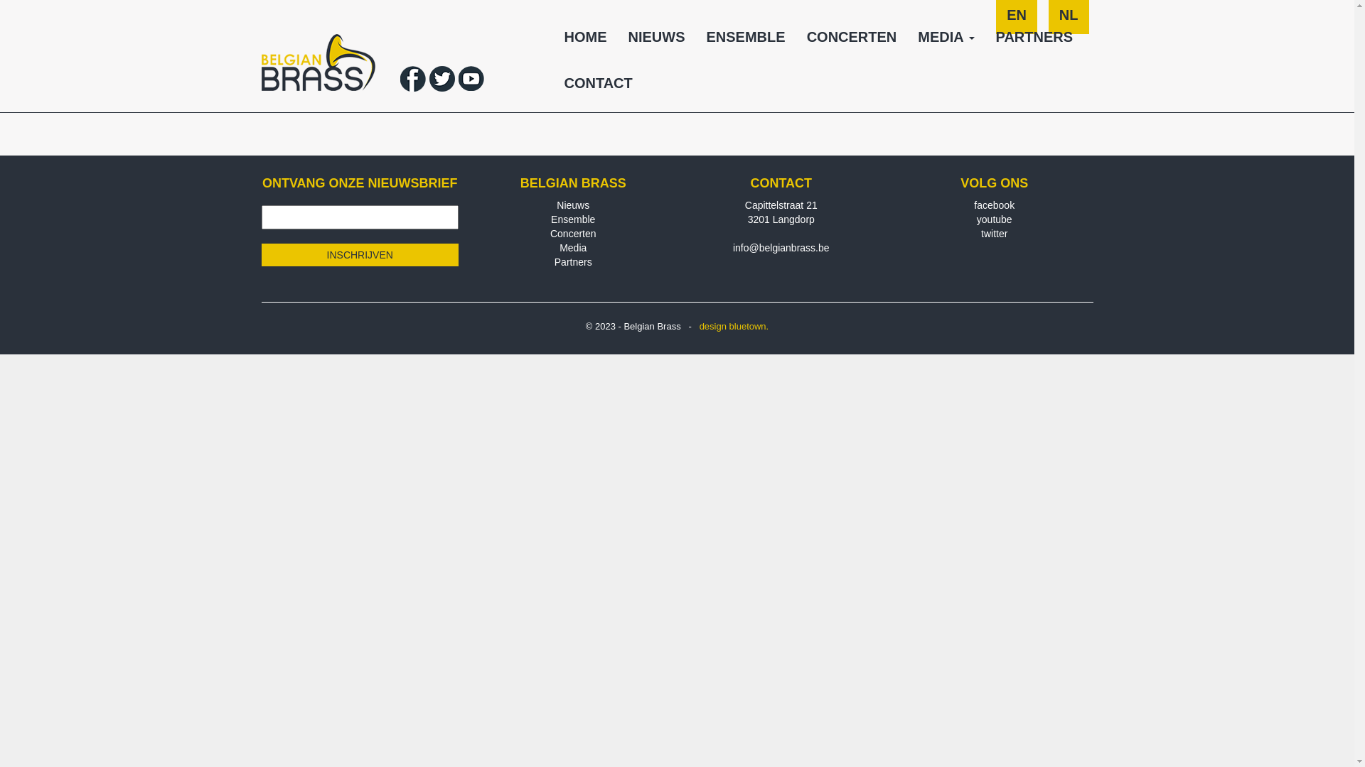  What do you see at coordinates (946, 41) in the screenshot?
I see `'MEDIA'` at bounding box center [946, 41].